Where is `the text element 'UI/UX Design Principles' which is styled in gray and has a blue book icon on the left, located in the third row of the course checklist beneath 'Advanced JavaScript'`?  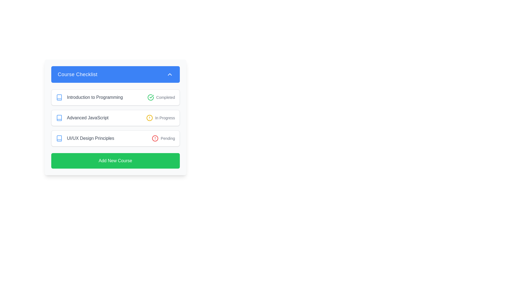 the text element 'UI/UX Design Principles' which is styled in gray and has a blue book icon on the left, located in the third row of the course checklist beneath 'Advanced JavaScript' is located at coordinates (85, 138).